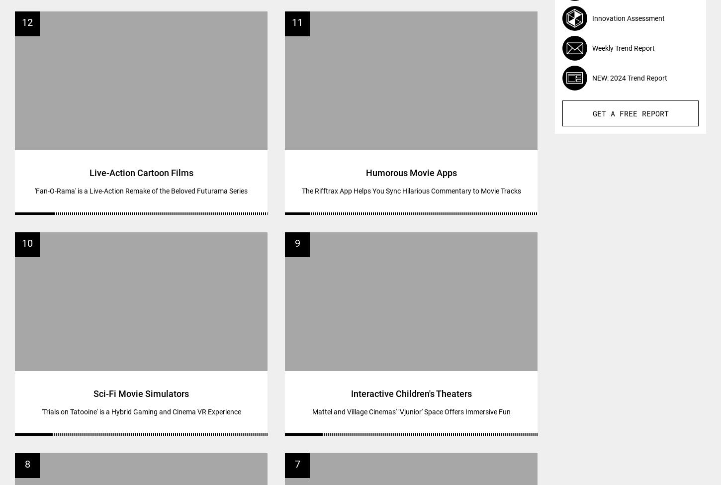 The image size is (721, 485). Describe the element at coordinates (628, 18) in the screenshot. I see `'Innovation Assessment'` at that location.